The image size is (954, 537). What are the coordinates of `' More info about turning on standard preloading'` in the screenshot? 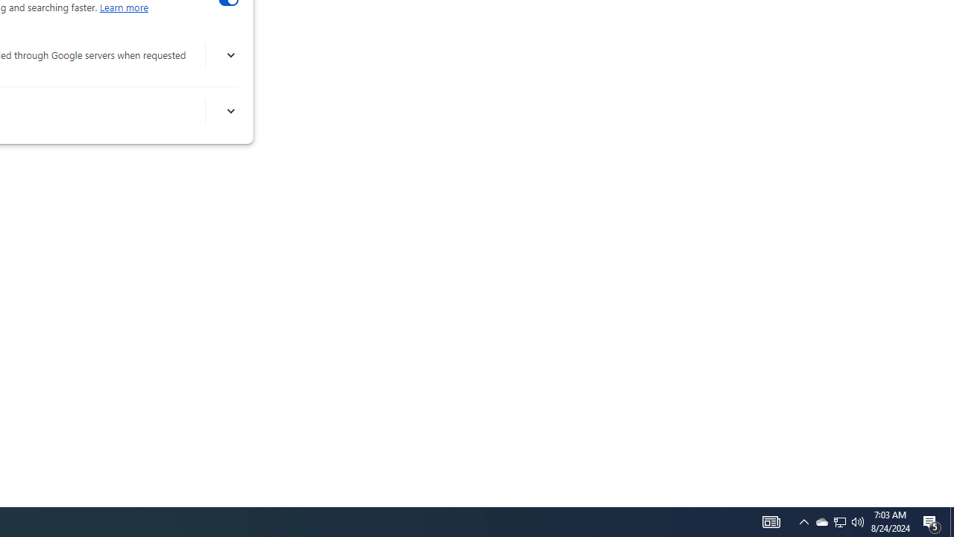 It's located at (230, 110).